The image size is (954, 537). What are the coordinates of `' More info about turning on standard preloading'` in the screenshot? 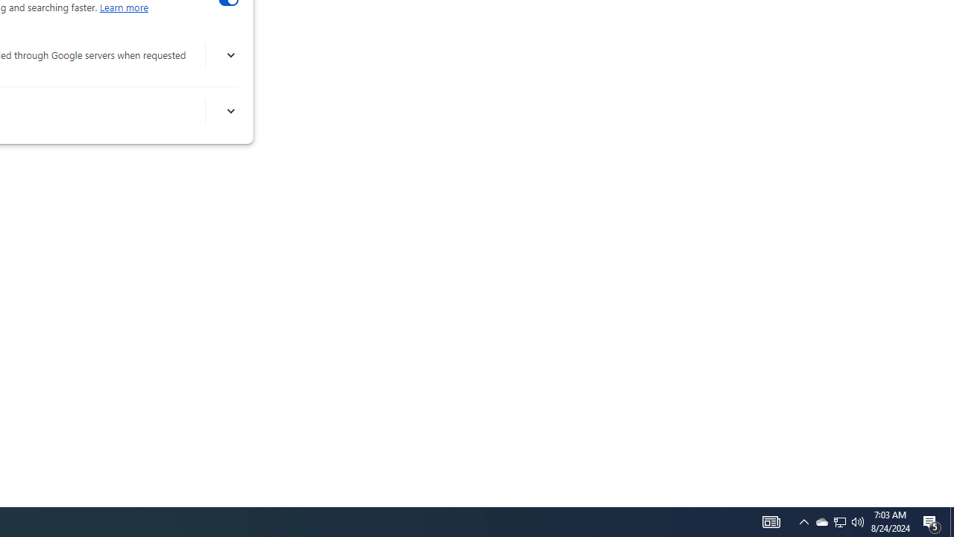 It's located at (230, 110).